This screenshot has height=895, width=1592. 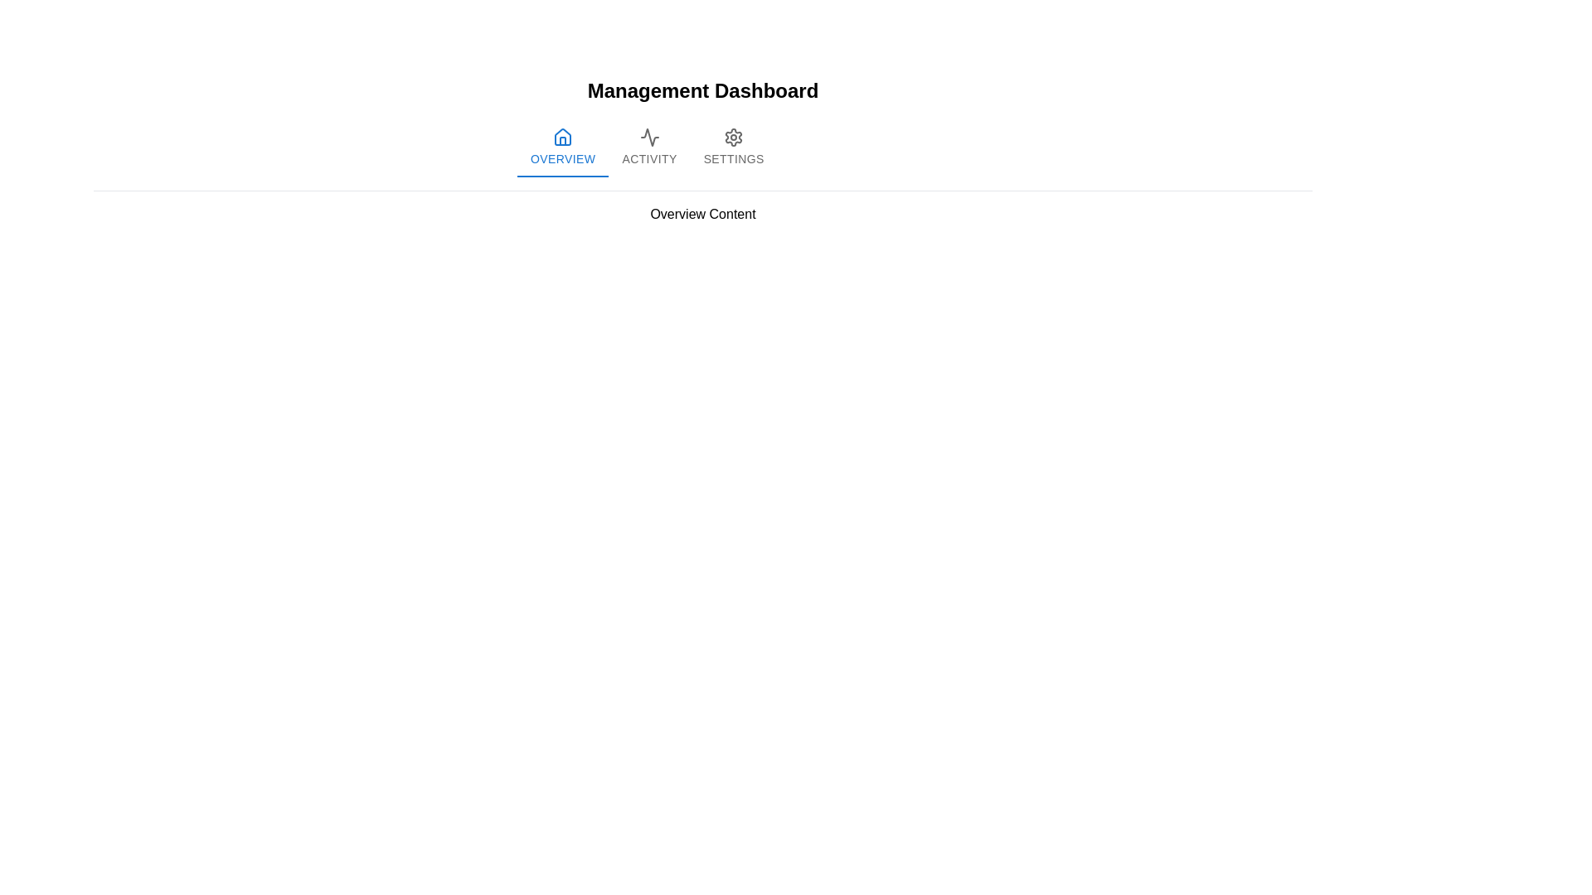 I want to click on the 'Activity' tab in the Tab Navigation Bar to switch tabs, so click(x=703, y=146).